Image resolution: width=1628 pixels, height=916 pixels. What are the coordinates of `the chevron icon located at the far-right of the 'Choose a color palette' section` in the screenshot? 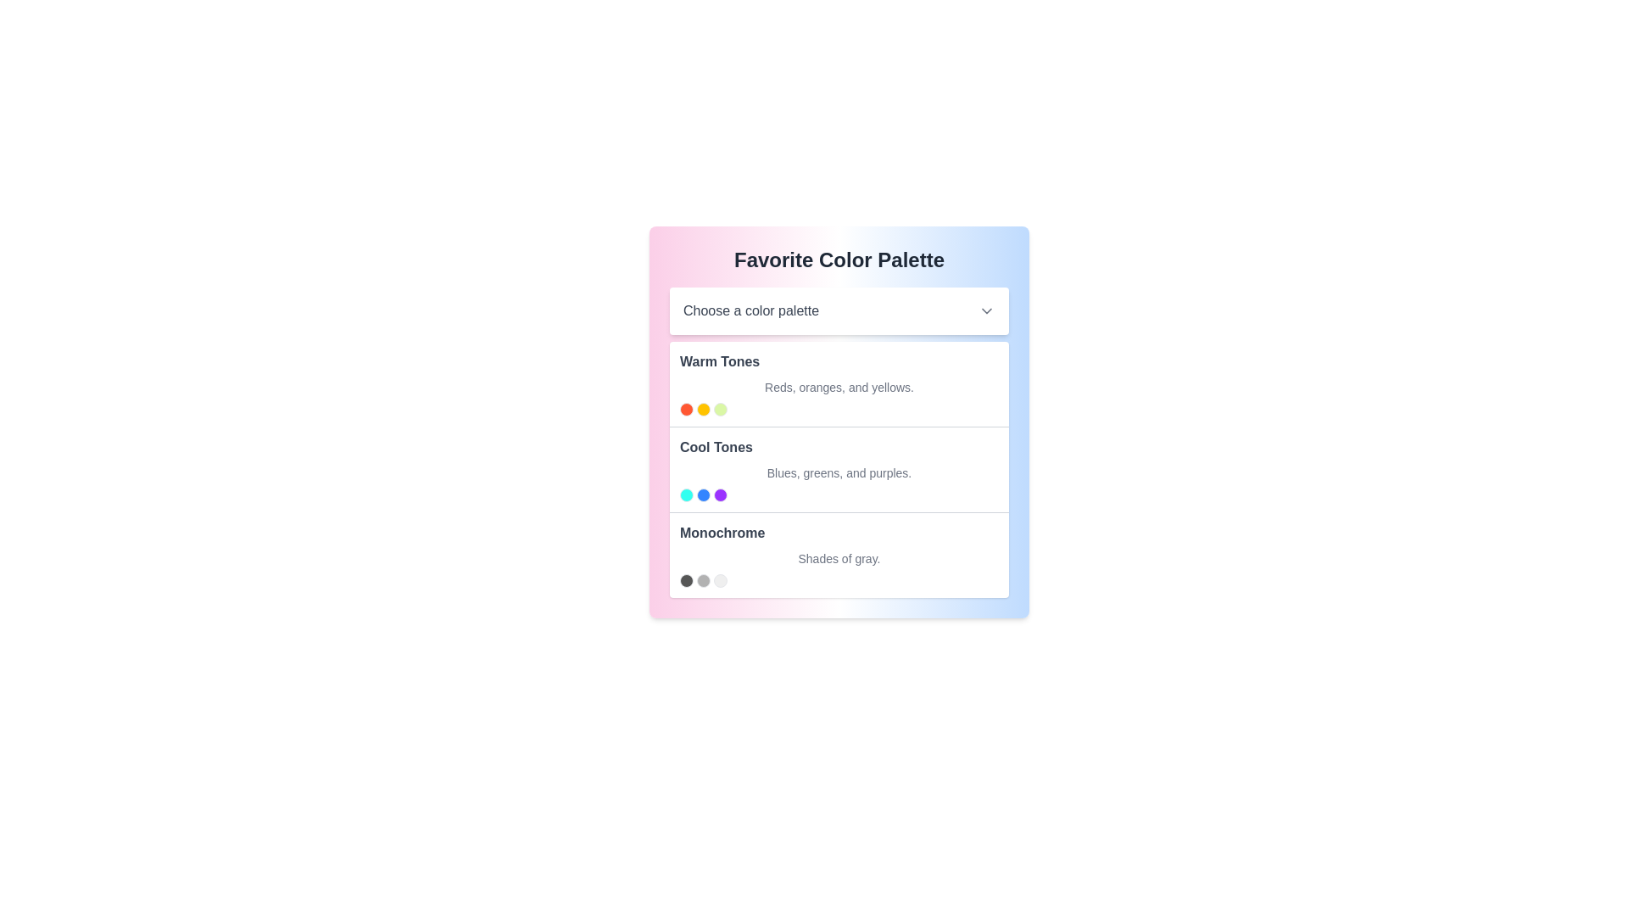 It's located at (986, 310).